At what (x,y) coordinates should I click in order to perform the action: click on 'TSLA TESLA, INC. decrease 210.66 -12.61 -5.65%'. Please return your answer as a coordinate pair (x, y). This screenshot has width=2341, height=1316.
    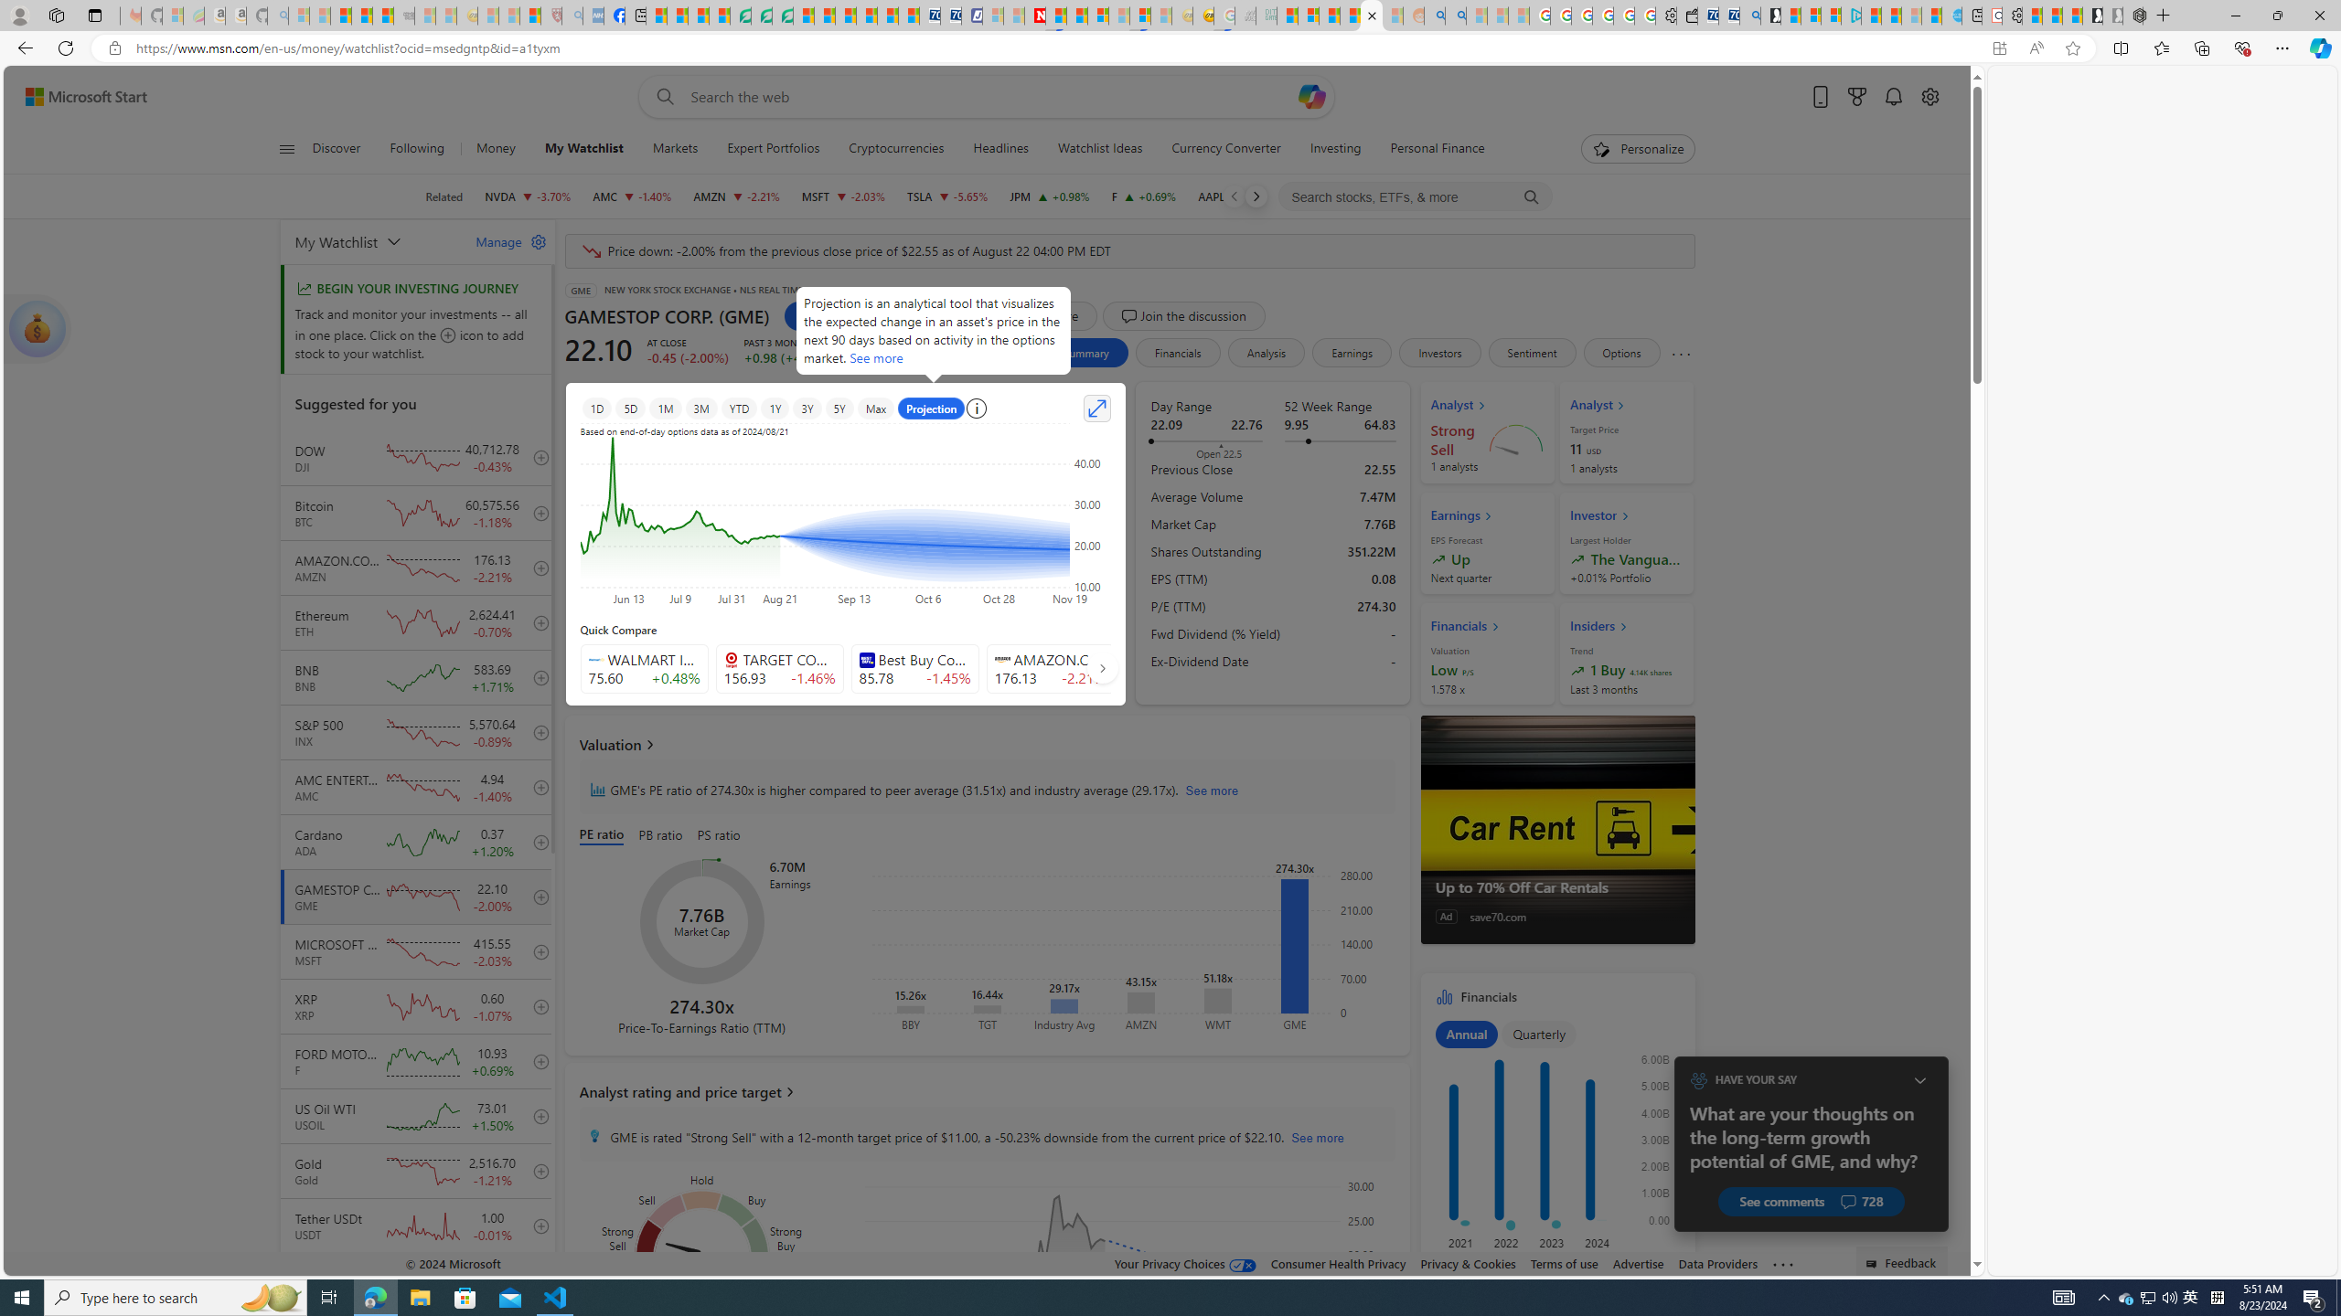
    Looking at the image, I should click on (946, 196).